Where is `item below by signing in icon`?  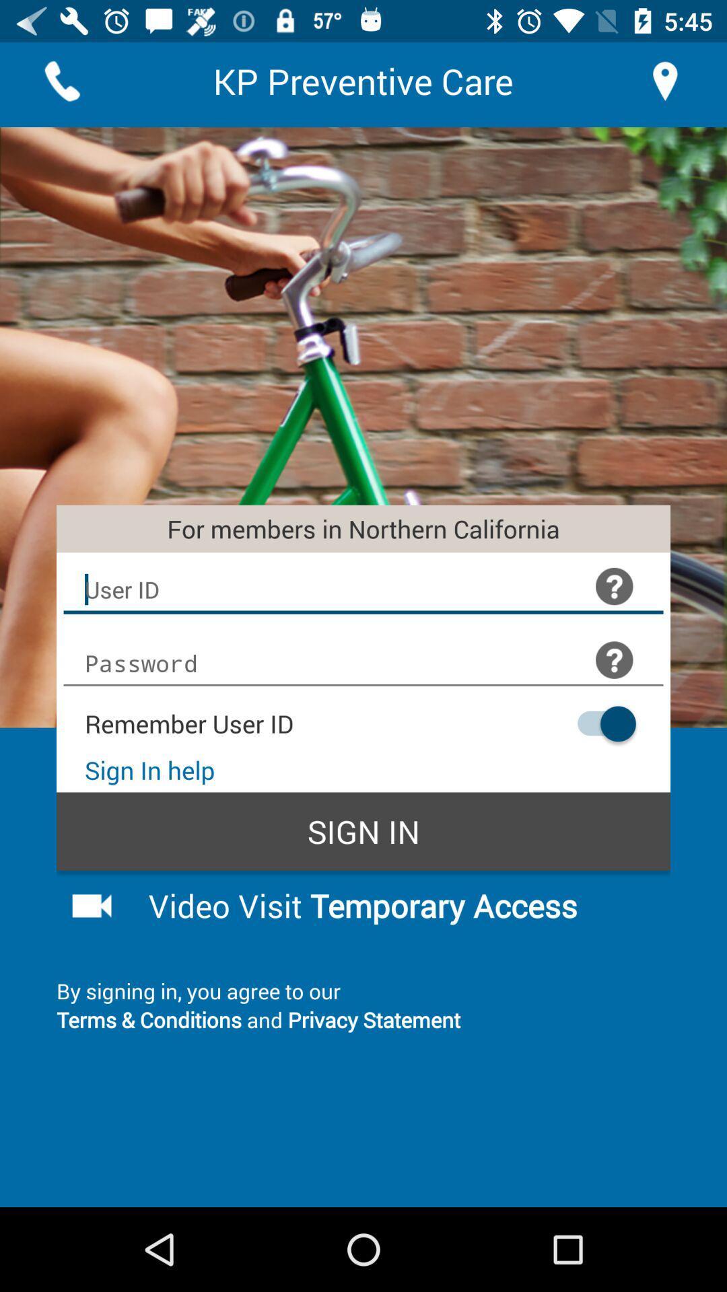 item below by signing in icon is located at coordinates (363, 1019).